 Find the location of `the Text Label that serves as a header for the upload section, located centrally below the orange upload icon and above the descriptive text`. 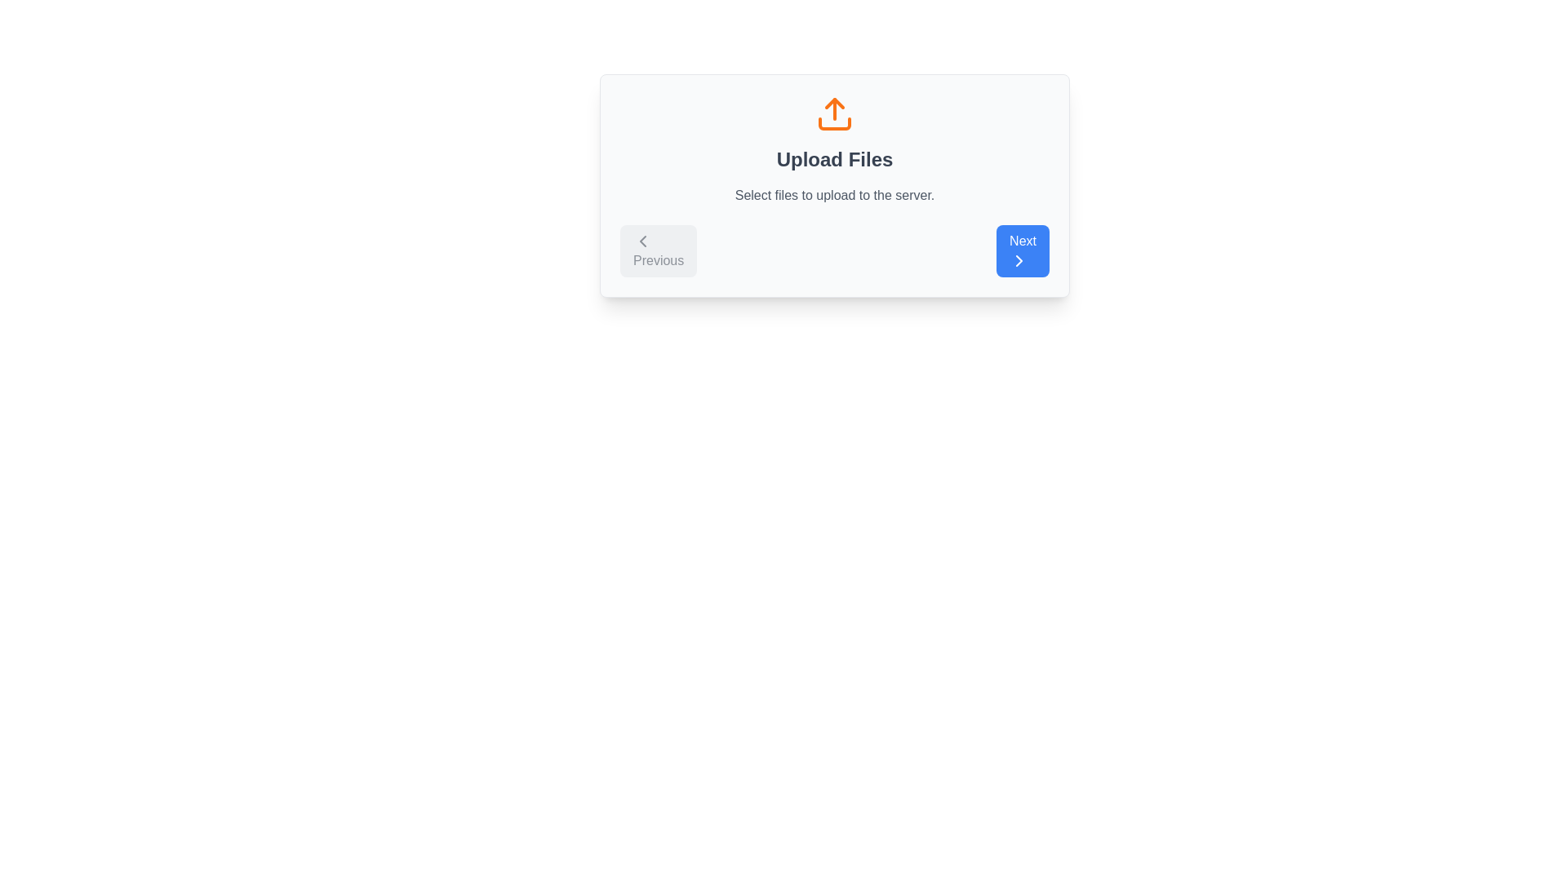

the Text Label that serves as a header for the upload section, located centrally below the orange upload icon and above the descriptive text is located at coordinates (834, 160).